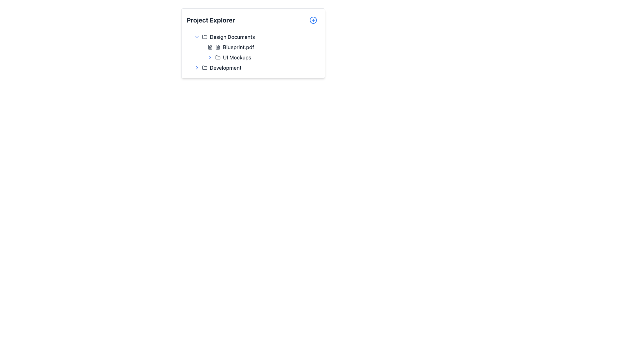 Image resolution: width=617 pixels, height=347 pixels. Describe the element at coordinates (313, 20) in the screenshot. I see `the 'Add' icon button located in the top-right corner of the 'Project Explorer' section` at that location.